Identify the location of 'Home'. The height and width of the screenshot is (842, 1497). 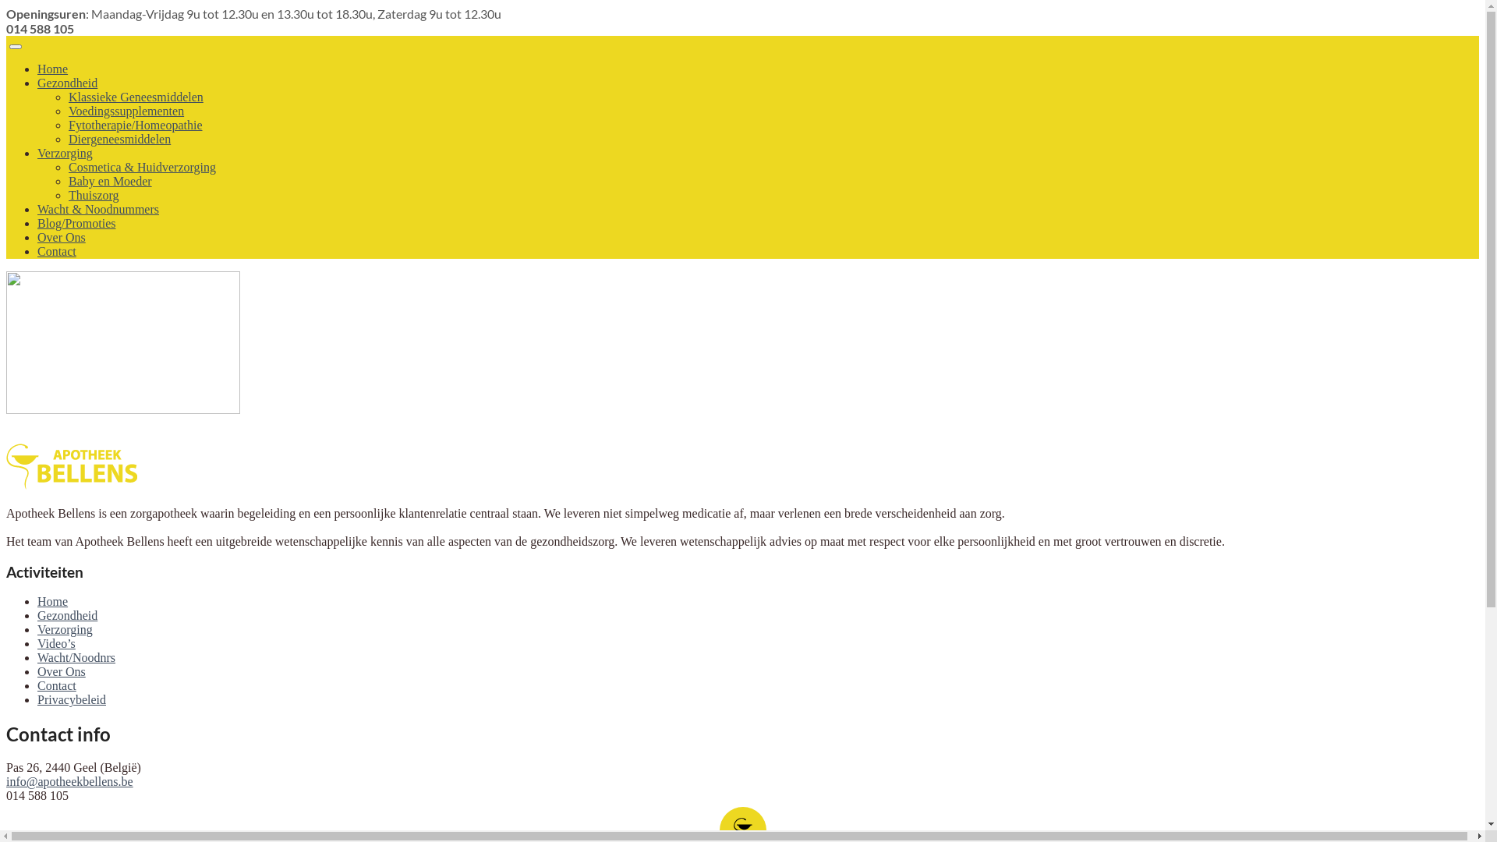
(52, 68).